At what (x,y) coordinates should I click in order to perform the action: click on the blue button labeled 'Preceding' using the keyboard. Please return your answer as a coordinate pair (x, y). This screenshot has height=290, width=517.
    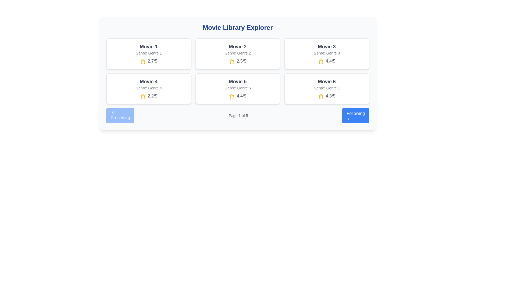
    Looking at the image, I should click on (120, 115).